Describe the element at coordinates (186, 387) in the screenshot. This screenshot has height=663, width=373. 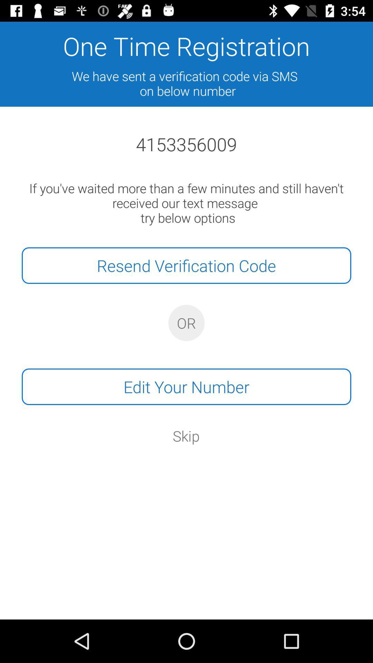
I see `edit your number item` at that location.